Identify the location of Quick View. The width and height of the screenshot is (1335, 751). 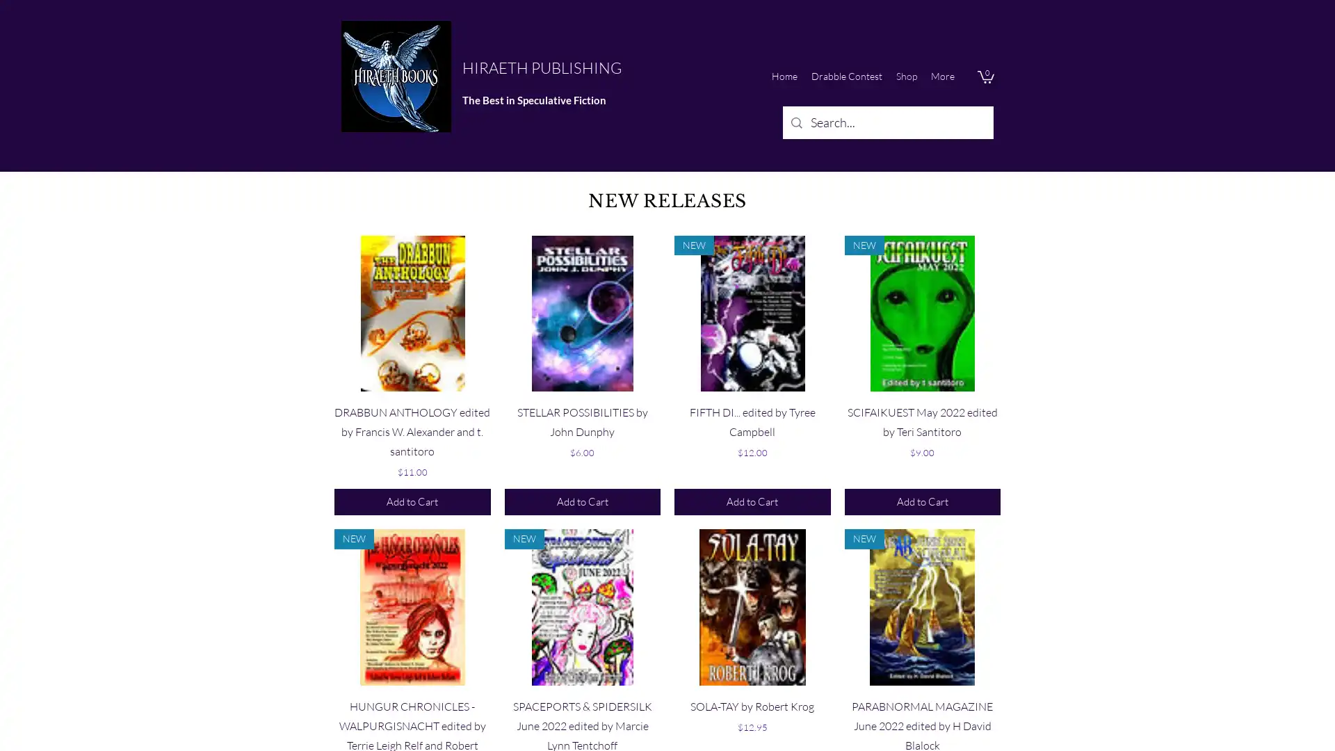
(412, 407).